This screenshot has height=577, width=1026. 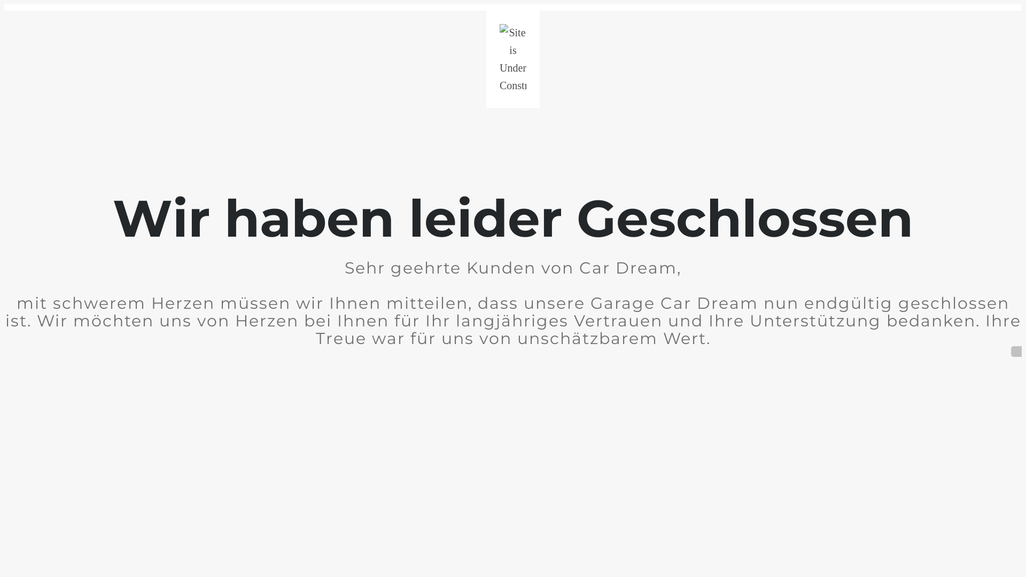 What do you see at coordinates (513, 59) in the screenshot?
I see `'Site is Under Construction'` at bounding box center [513, 59].